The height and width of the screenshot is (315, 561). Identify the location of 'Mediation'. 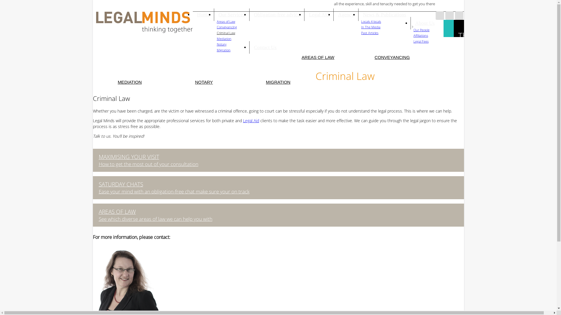
(224, 38).